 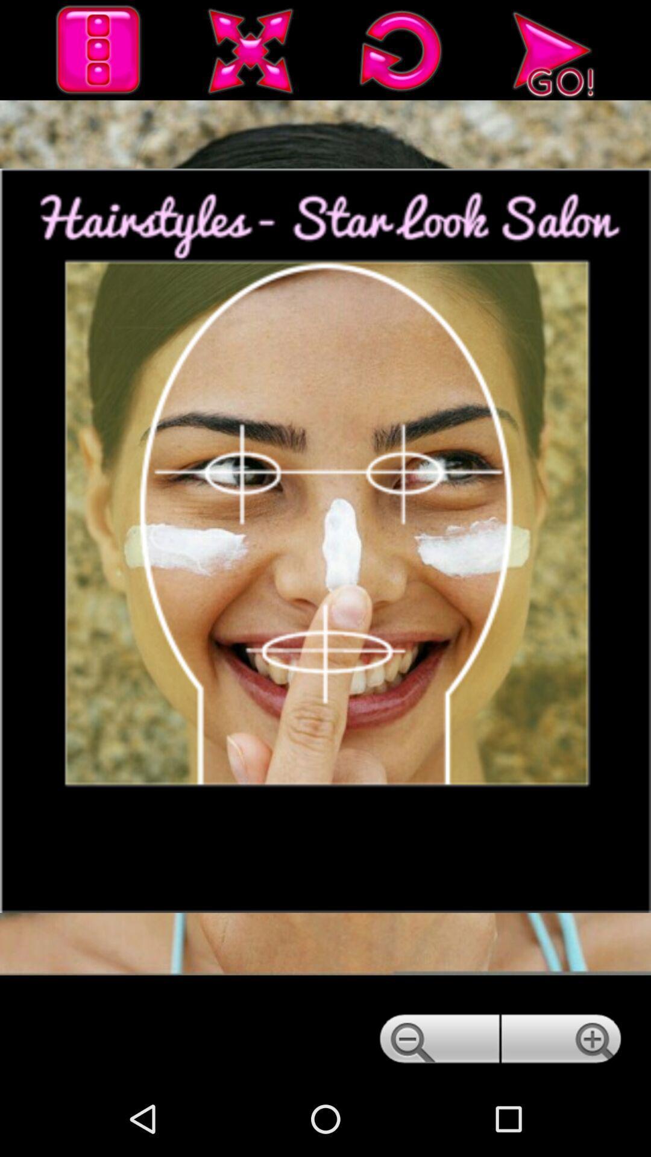 I want to click on the refresh icon, so click(x=401, y=54).